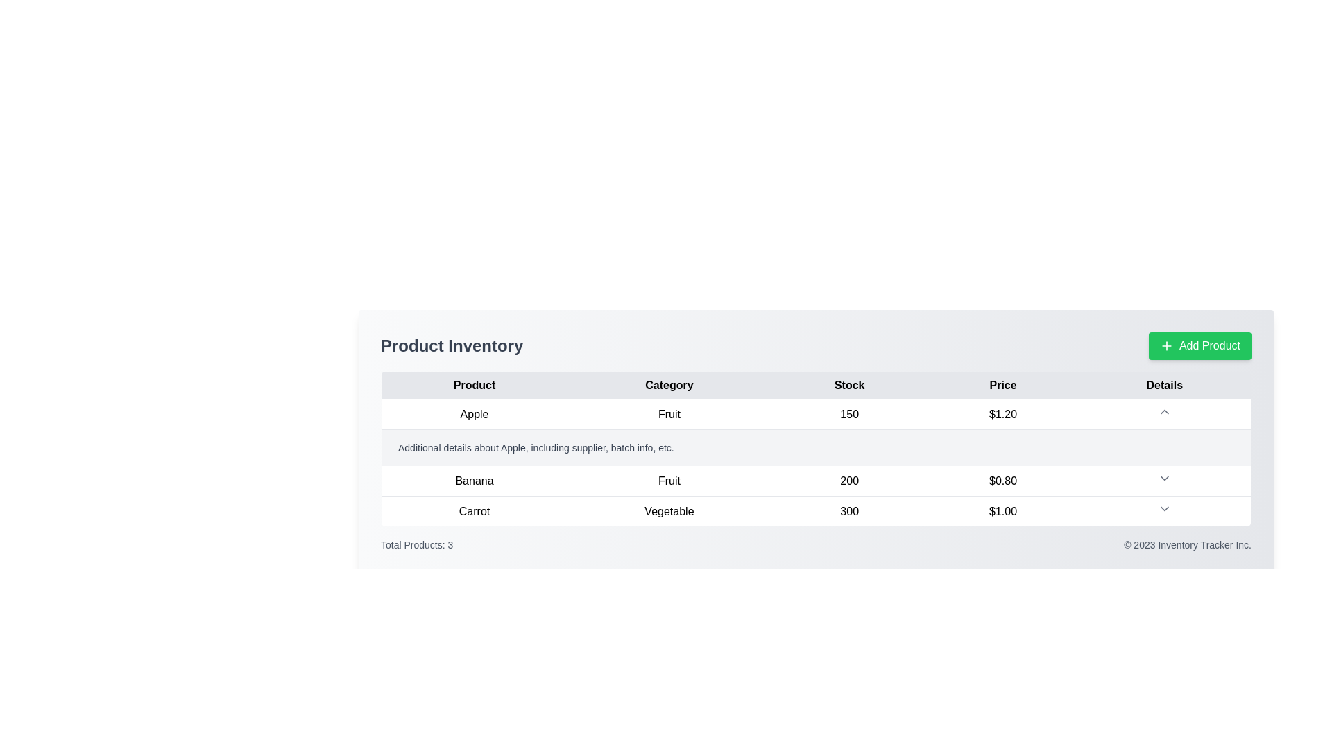 The height and width of the screenshot is (749, 1332). Describe the element at coordinates (1165, 511) in the screenshot. I see `the dropdown toggle or caret icon in the last column of the 'Carrot' row in the data table` at that location.